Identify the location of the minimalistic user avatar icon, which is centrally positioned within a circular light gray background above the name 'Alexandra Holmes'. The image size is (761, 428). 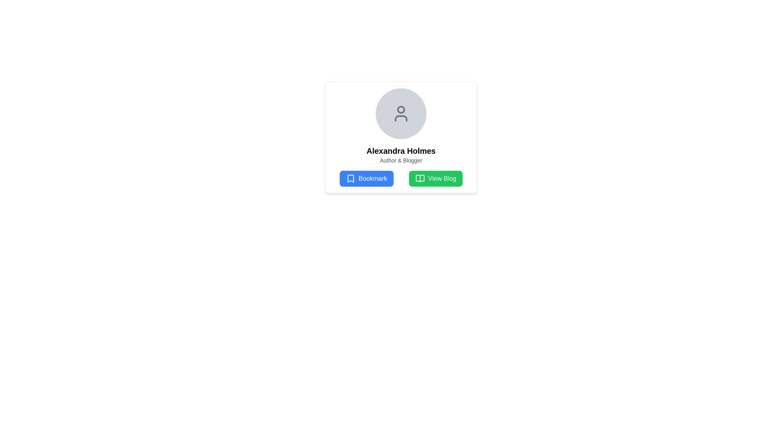
(401, 113).